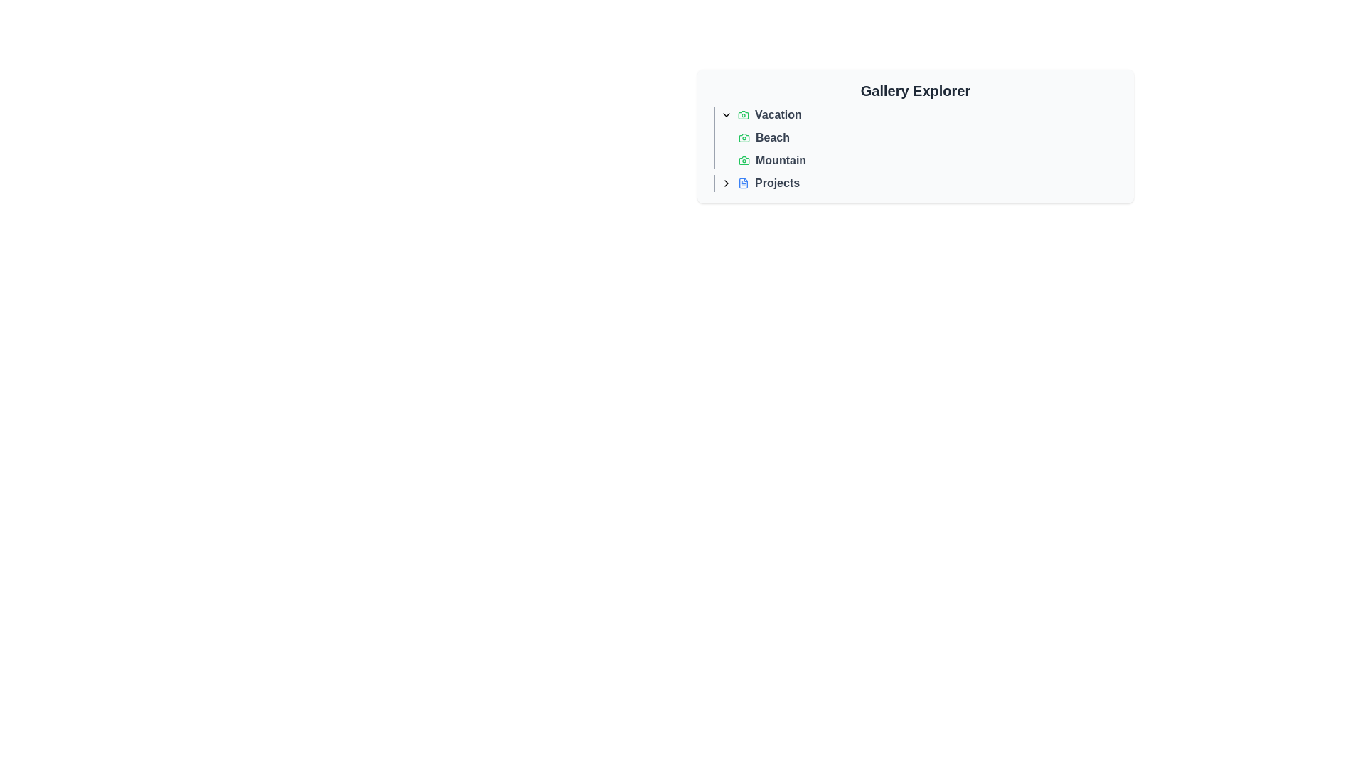 The width and height of the screenshot is (1365, 768). I want to click on the 'Vacation' label element, which is styled in bold gray text and positioned under a category heading in a tree view structure, to interact with the associated category, so click(777, 114).